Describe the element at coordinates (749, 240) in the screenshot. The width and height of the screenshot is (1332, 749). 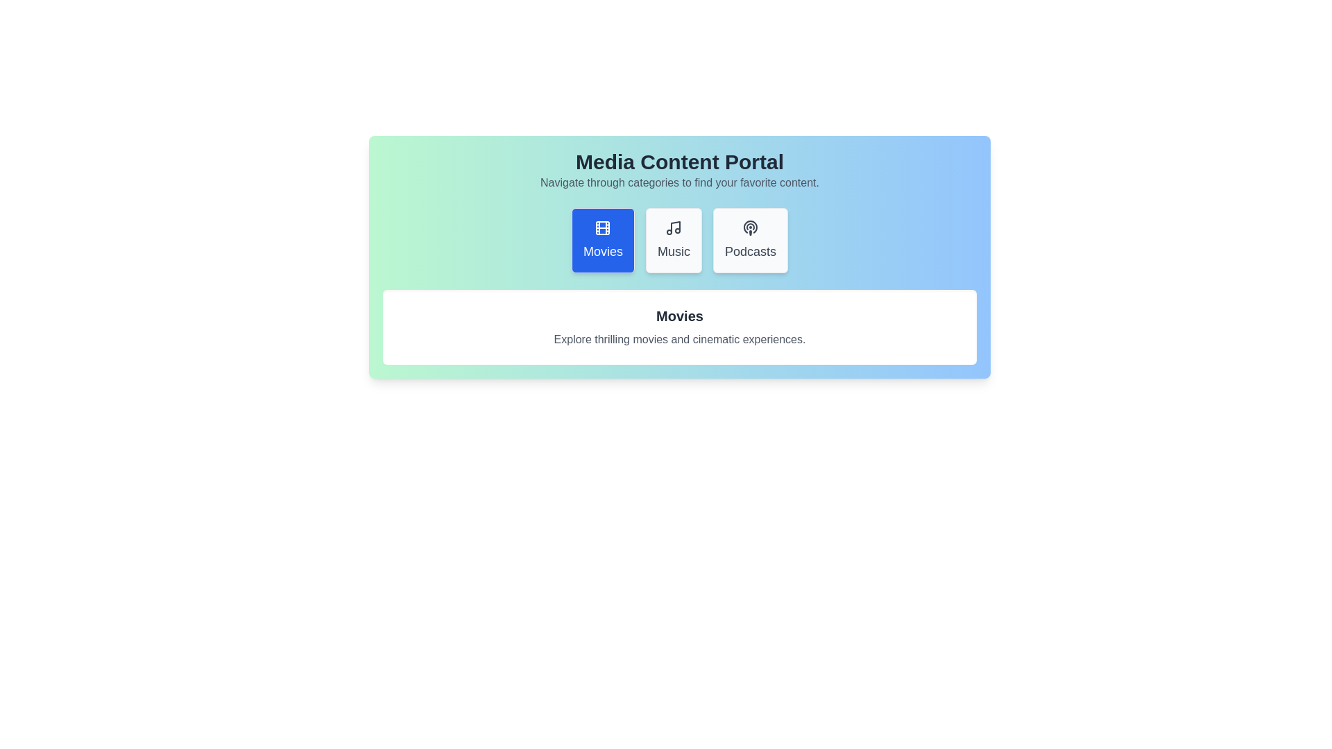
I see `the Podcasts tab by clicking on its button` at that location.